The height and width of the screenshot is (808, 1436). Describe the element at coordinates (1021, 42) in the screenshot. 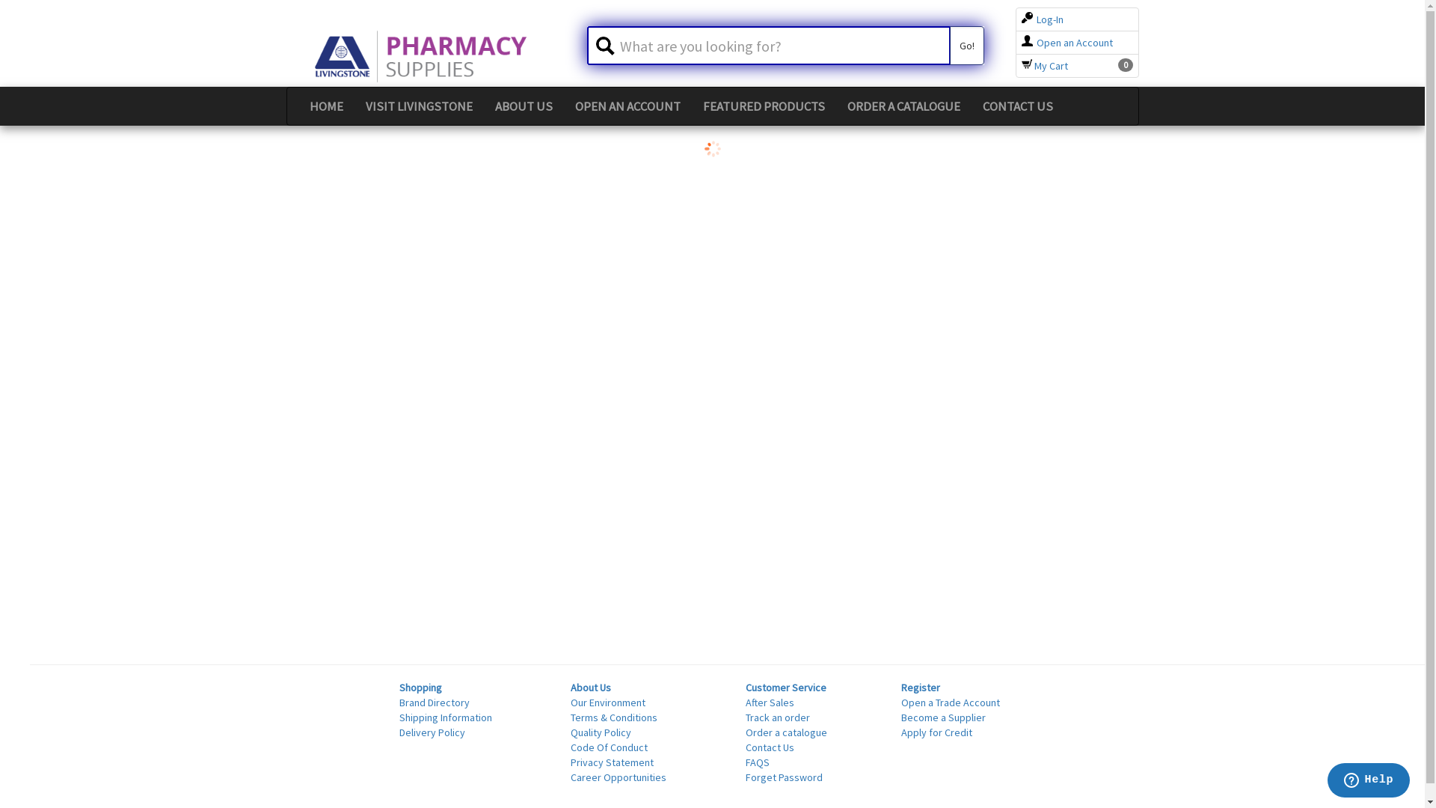

I see `'Open an Account'` at that location.